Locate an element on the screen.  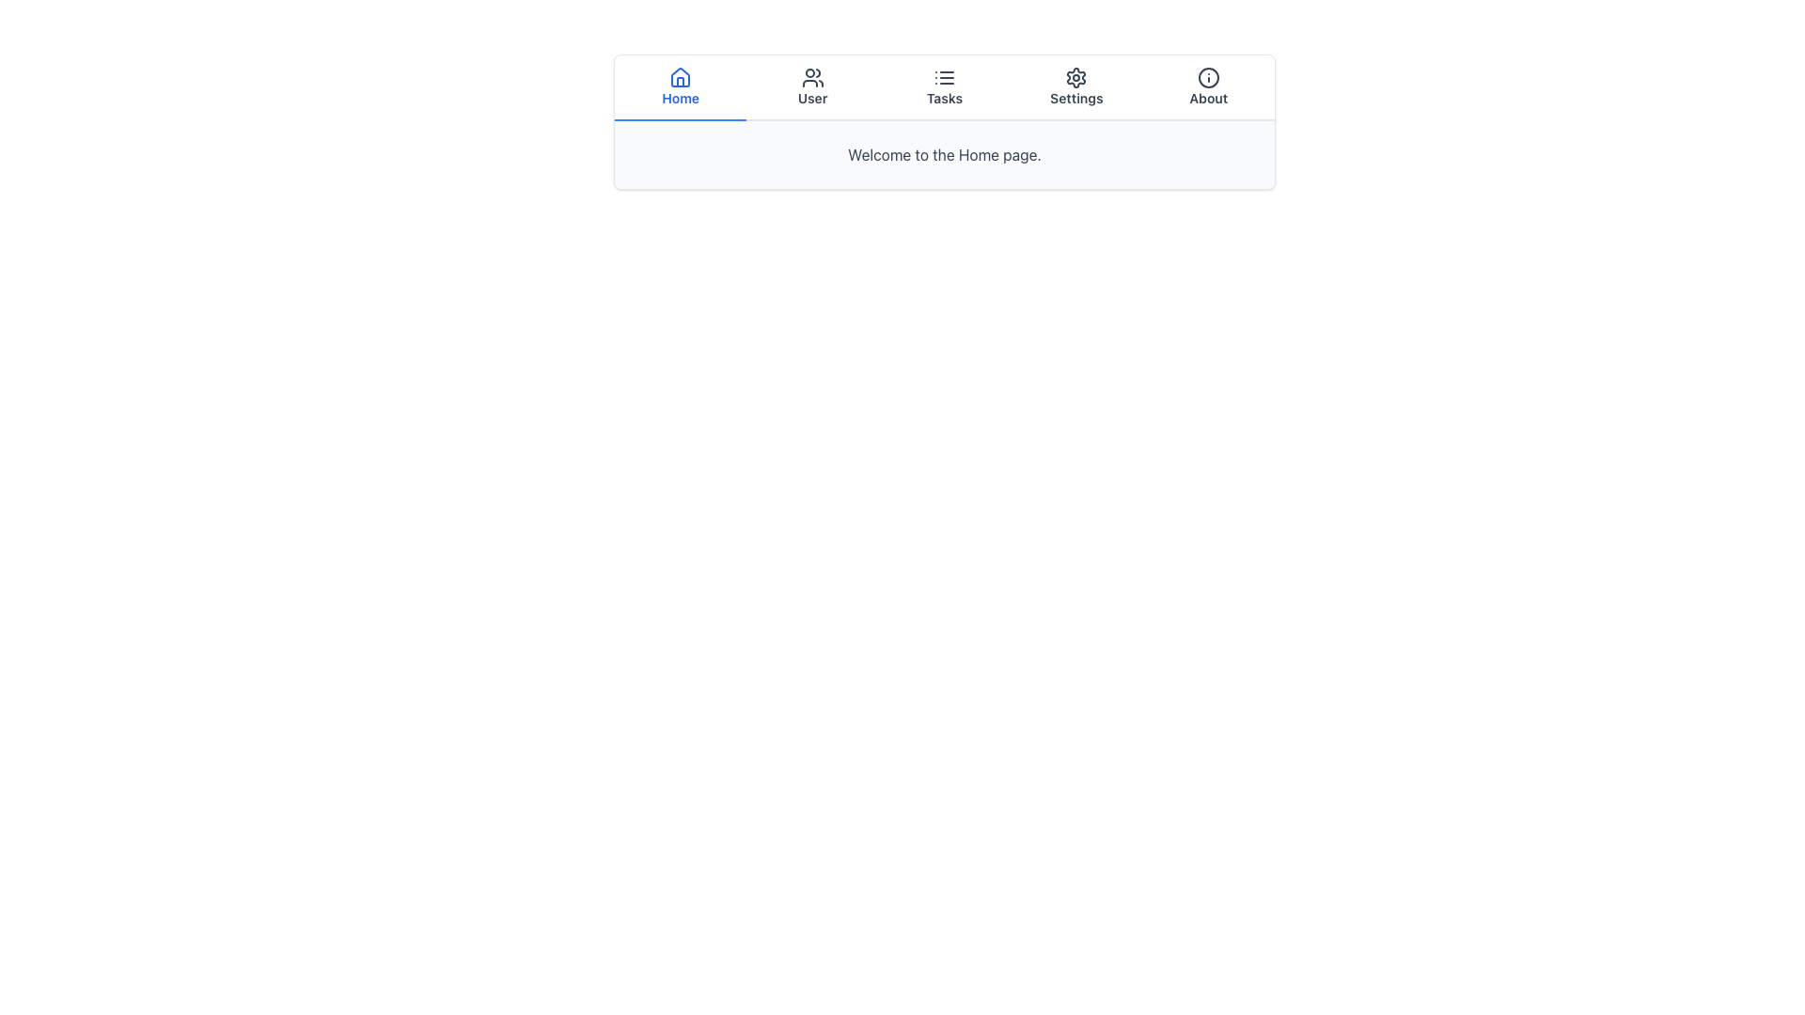
the 'Settings' text label in the navigation bar is located at coordinates (1076, 98).